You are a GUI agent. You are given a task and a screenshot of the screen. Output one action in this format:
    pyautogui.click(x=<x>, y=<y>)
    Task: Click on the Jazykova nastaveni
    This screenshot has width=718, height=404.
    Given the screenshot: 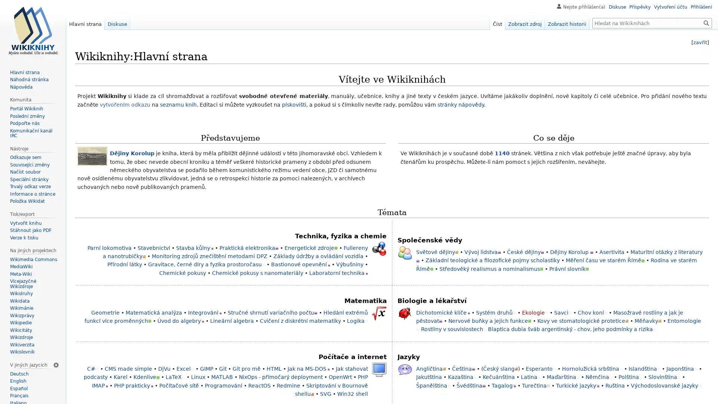 What is the action you would take?
    pyautogui.click(x=55, y=364)
    